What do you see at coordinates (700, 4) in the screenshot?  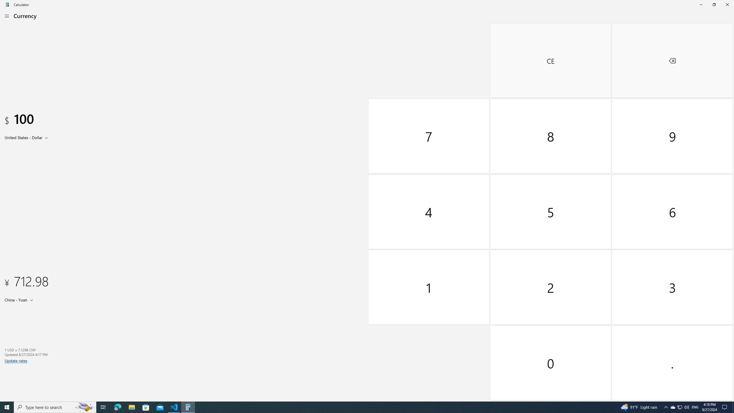 I see `'Minimize Calculator'` at bounding box center [700, 4].